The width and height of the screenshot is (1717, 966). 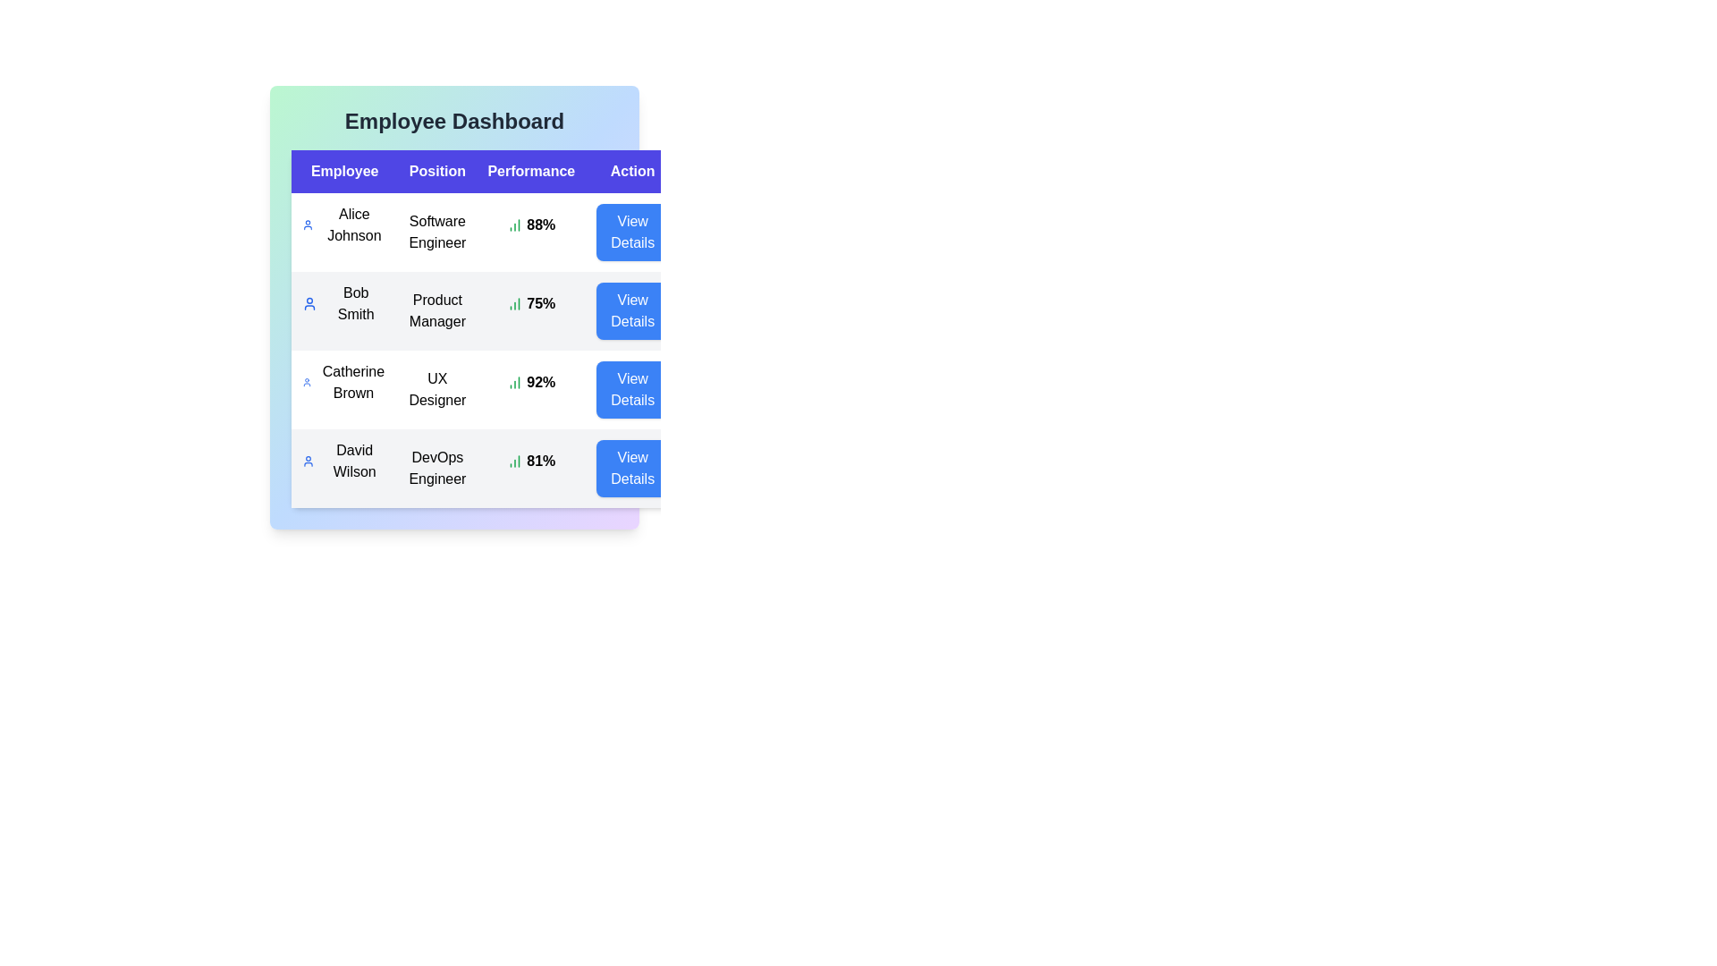 What do you see at coordinates (632, 468) in the screenshot?
I see `'View Details' button for the employee specified by David Wilson` at bounding box center [632, 468].